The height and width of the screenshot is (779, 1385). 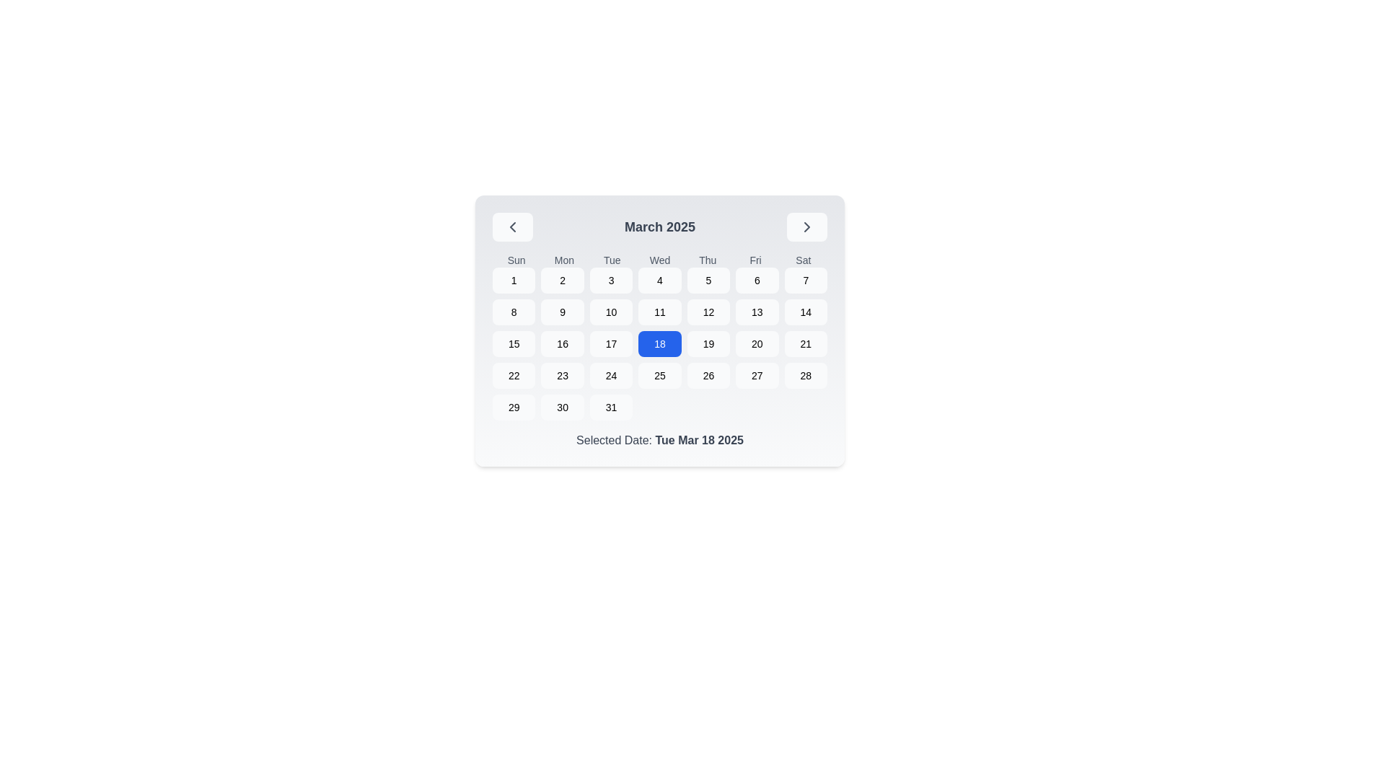 What do you see at coordinates (708, 281) in the screenshot?
I see `the selectable date button '5' in the calendar interface` at bounding box center [708, 281].